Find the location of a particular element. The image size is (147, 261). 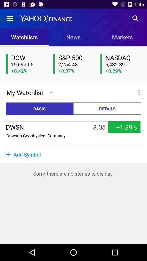

+1.39% icon is located at coordinates (124, 127).